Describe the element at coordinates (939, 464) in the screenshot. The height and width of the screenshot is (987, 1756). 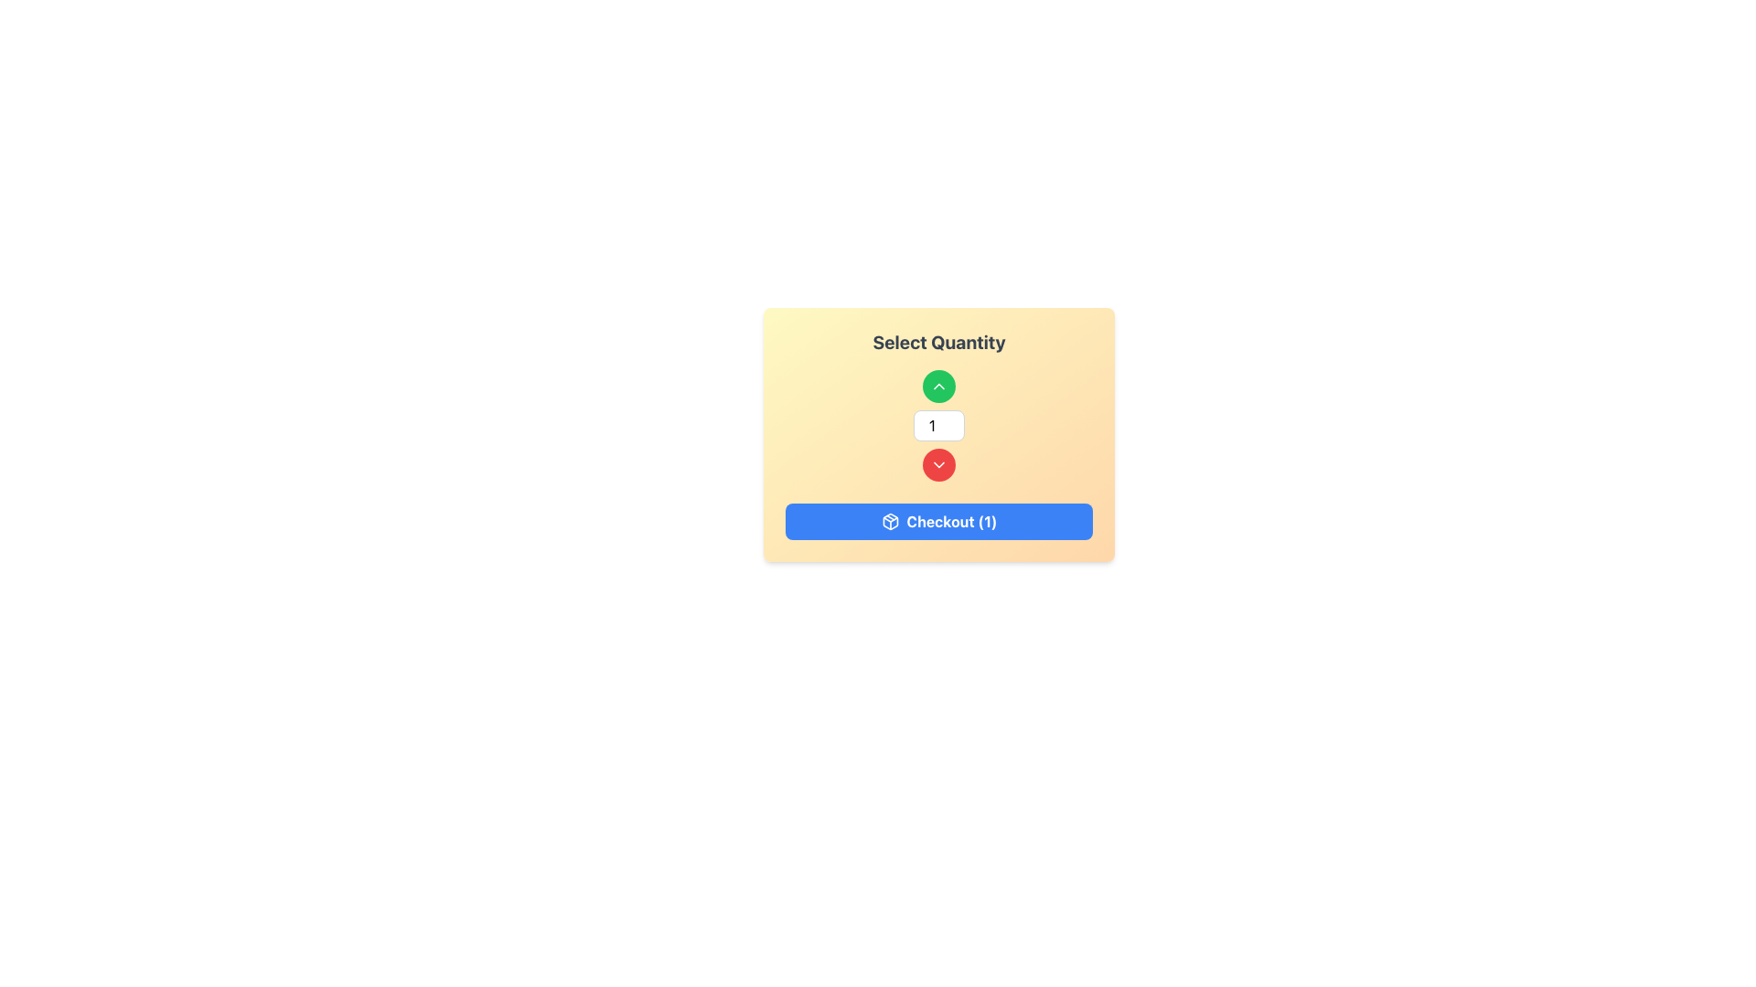
I see `the decrement SVG icon located within the red circular button, which is used to decrease the quantity value in the UI` at that location.